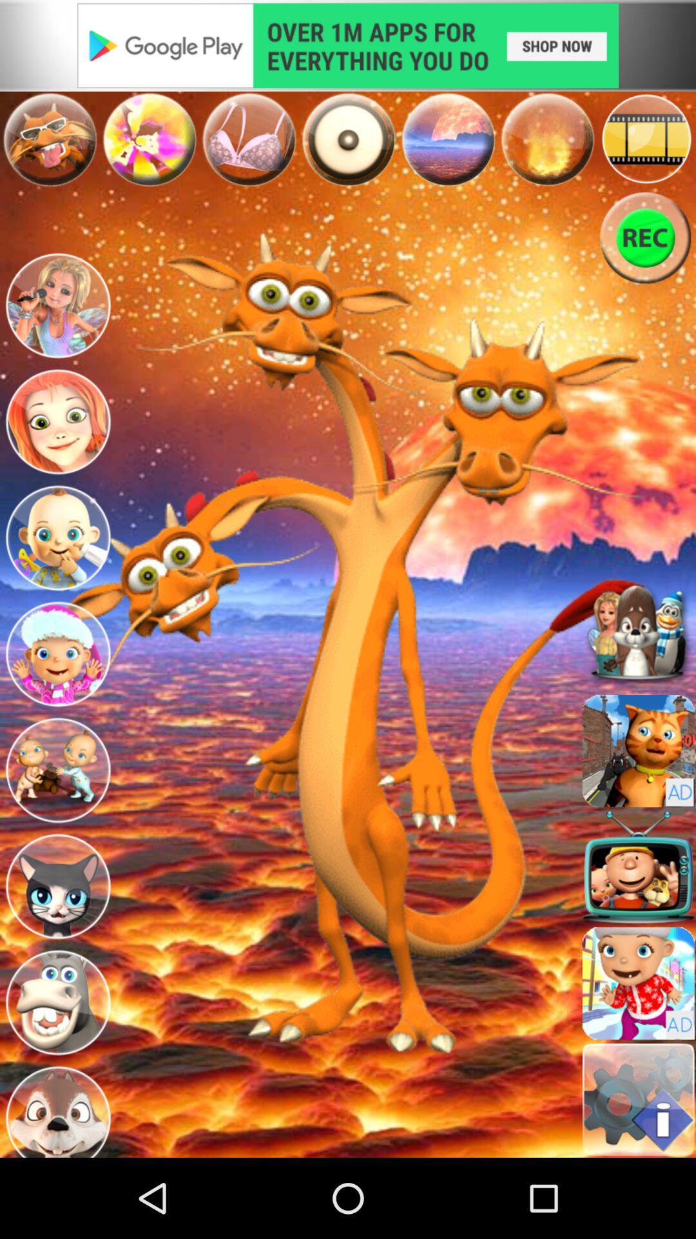 The height and width of the screenshot is (1239, 696). What do you see at coordinates (57, 307) in the screenshot?
I see `change playable character` at bounding box center [57, 307].